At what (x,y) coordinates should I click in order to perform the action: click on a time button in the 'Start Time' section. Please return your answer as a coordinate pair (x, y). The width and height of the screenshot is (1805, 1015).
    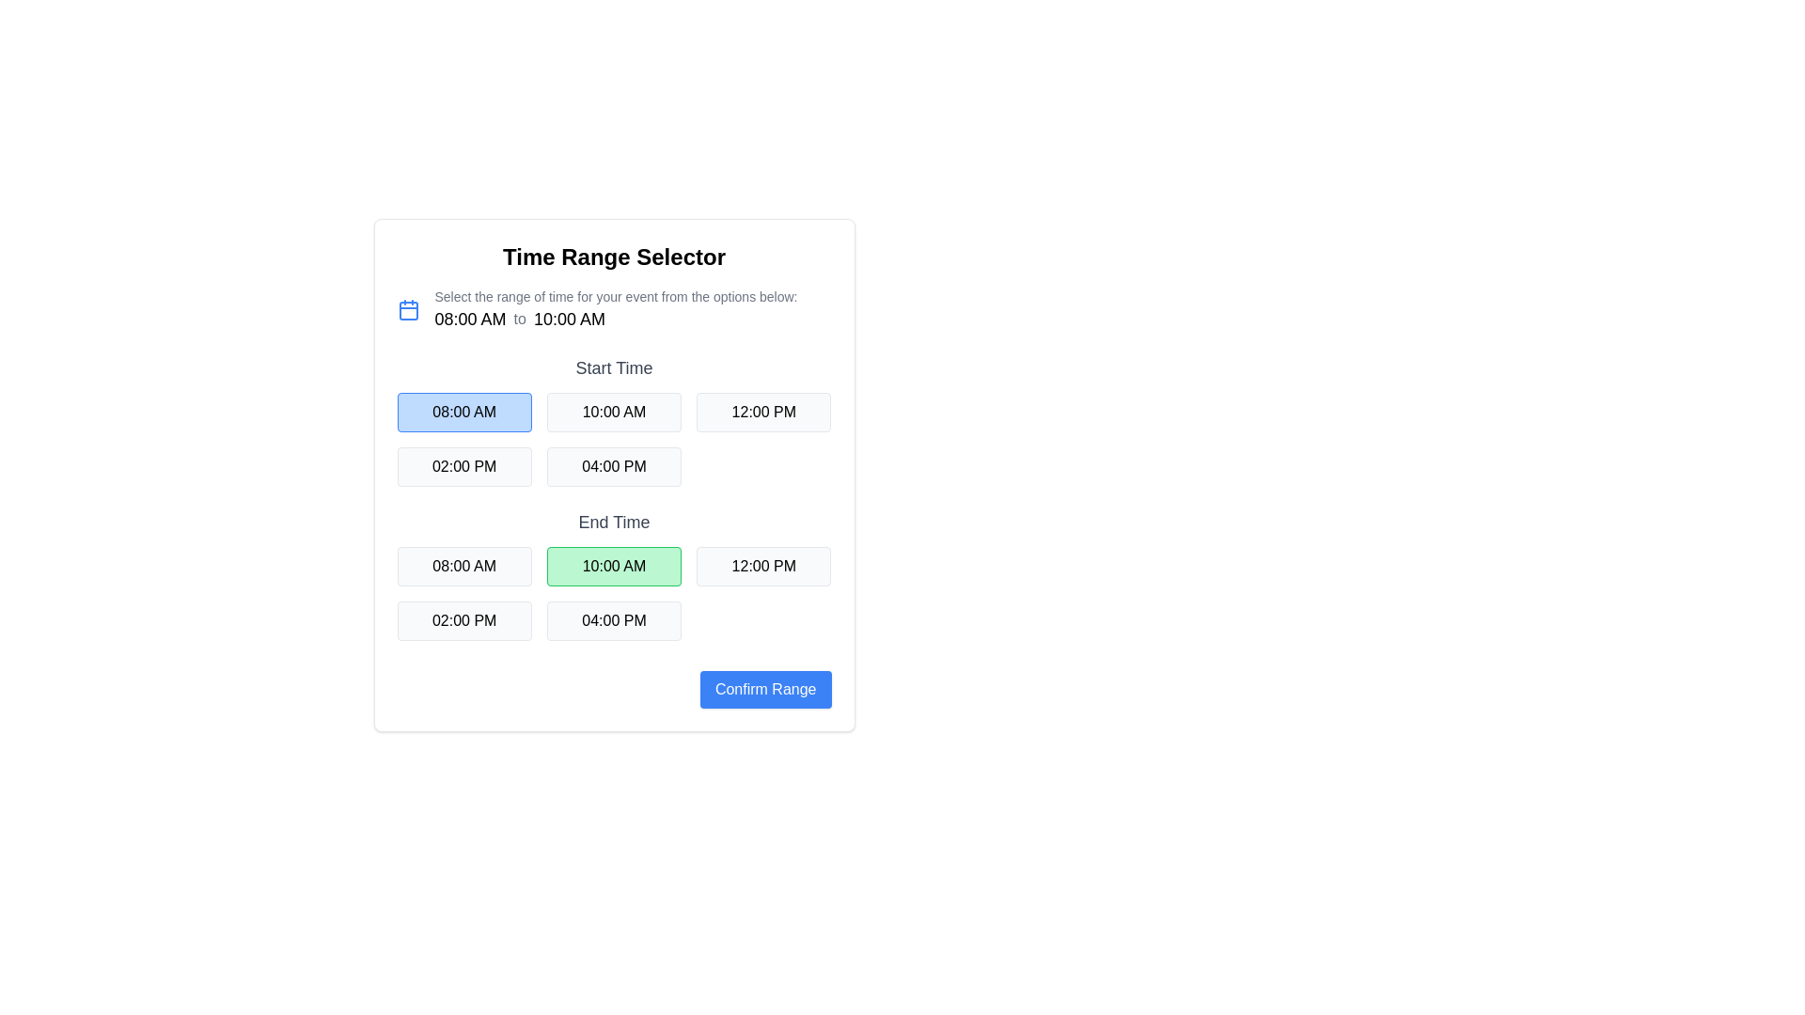
    Looking at the image, I should click on (614, 439).